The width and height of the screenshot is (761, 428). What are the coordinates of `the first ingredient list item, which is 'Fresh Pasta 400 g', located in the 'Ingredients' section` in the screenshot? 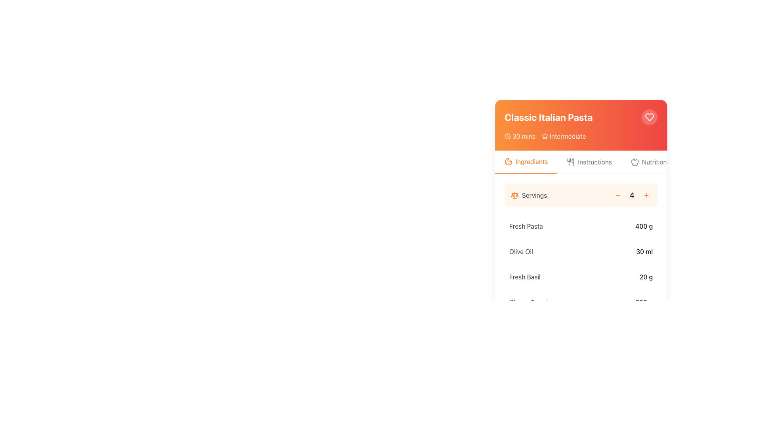 It's located at (581, 226).